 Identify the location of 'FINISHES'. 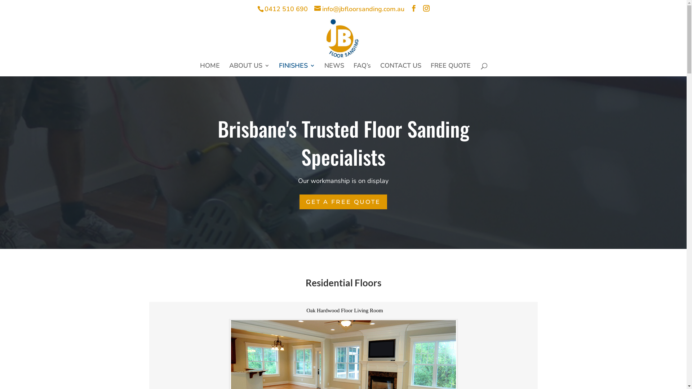
(297, 70).